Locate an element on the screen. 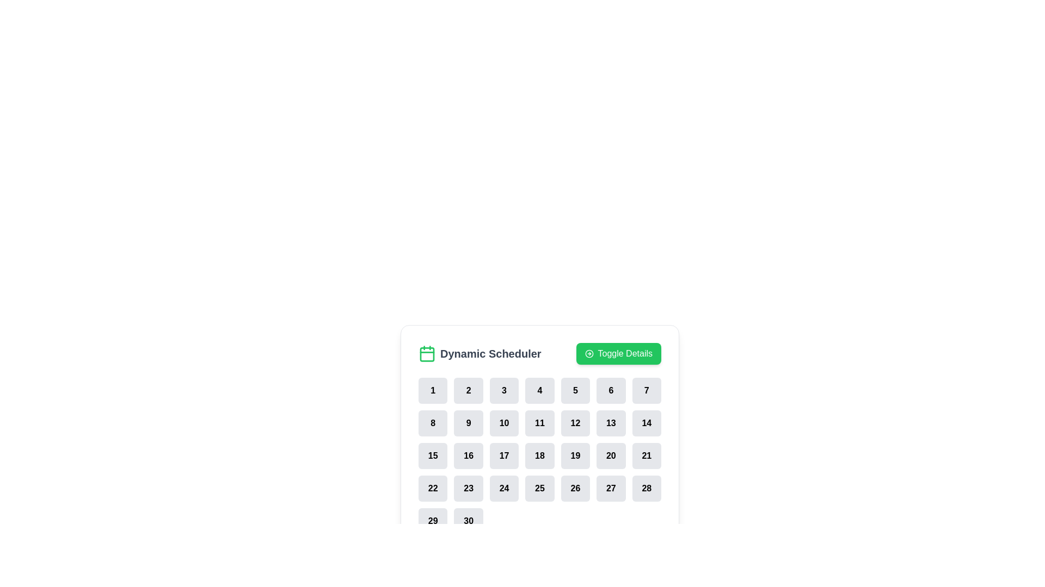 The width and height of the screenshot is (1045, 587). the rectangular button with rounded corners labeled '30' in the bottom row of the 'Dynamic Scheduler' grid is located at coordinates (468, 521).